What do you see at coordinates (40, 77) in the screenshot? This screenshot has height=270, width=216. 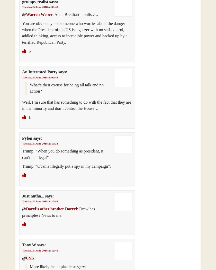 I see `'Tuesday, 5 June 2018 at 07:49'` at bounding box center [40, 77].